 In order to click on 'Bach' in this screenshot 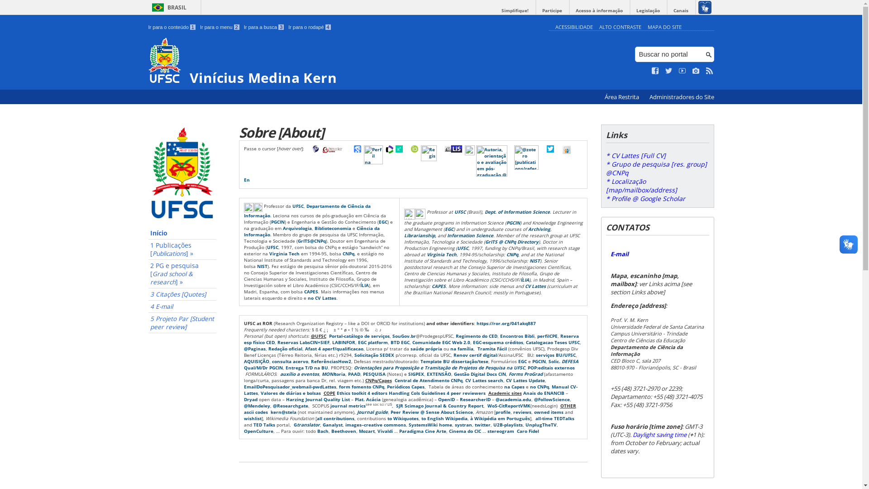, I will do `click(322, 431)`.